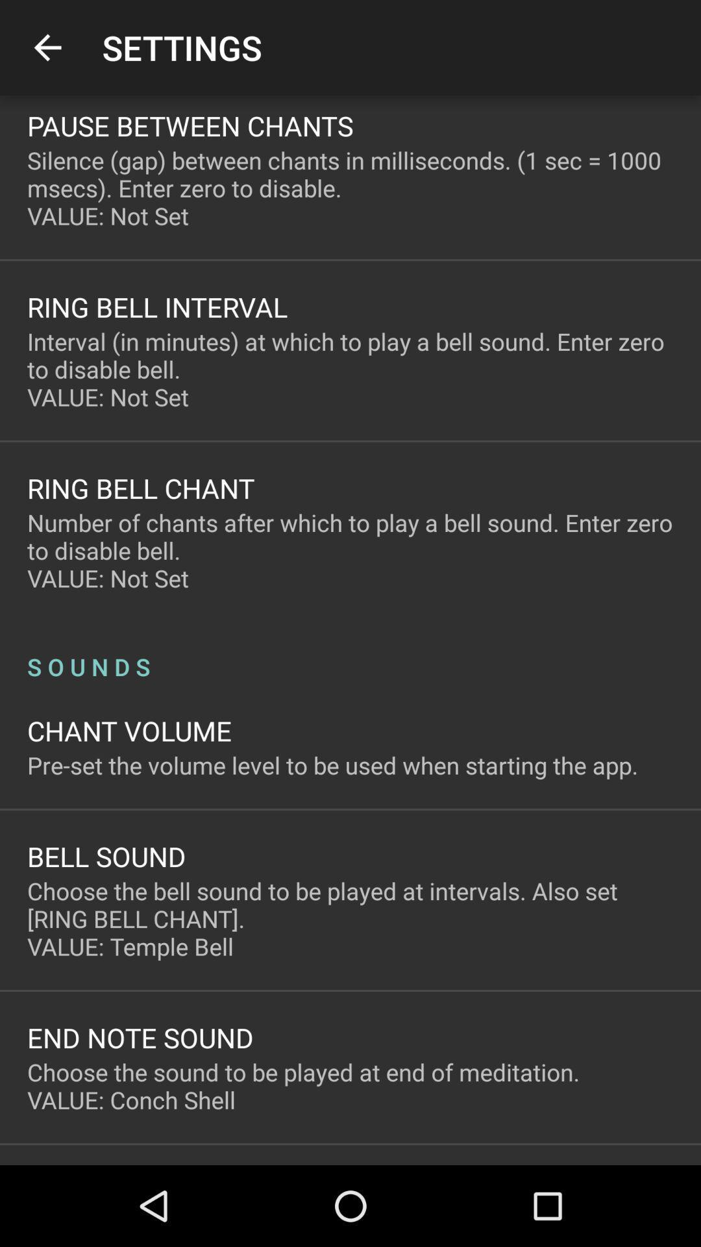 The image size is (701, 1247). What do you see at coordinates (350, 653) in the screenshot?
I see `the s o u` at bounding box center [350, 653].